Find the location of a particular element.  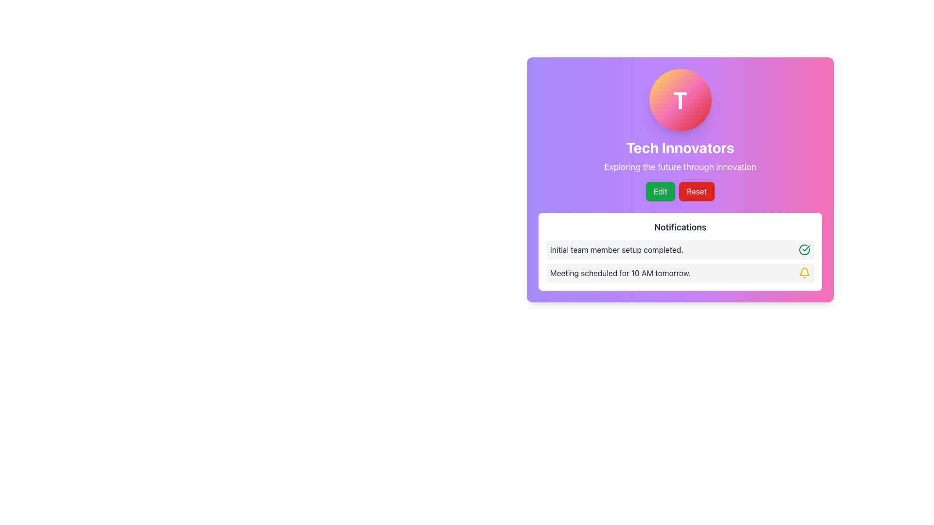

text label displaying 'Initial team member setup completed.' located in the Notifications section beneath the main profile area is located at coordinates (616, 249).